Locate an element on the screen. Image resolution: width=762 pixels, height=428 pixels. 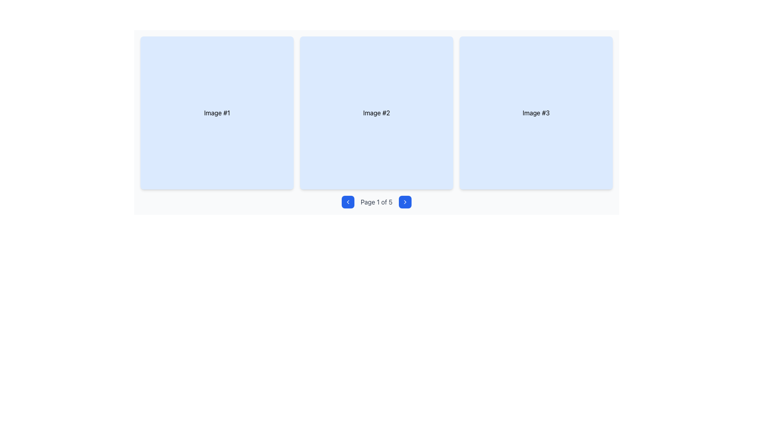
the right-pointing chevron icon with a blue background and white stroke lines is located at coordinates (405, 201).